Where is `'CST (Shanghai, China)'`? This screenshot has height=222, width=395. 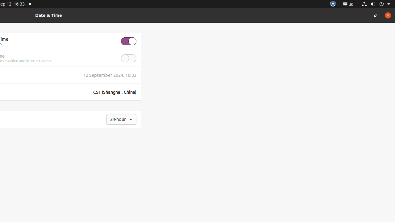 'CST (Shanghai, China)' is located at coordinates (114, 92).